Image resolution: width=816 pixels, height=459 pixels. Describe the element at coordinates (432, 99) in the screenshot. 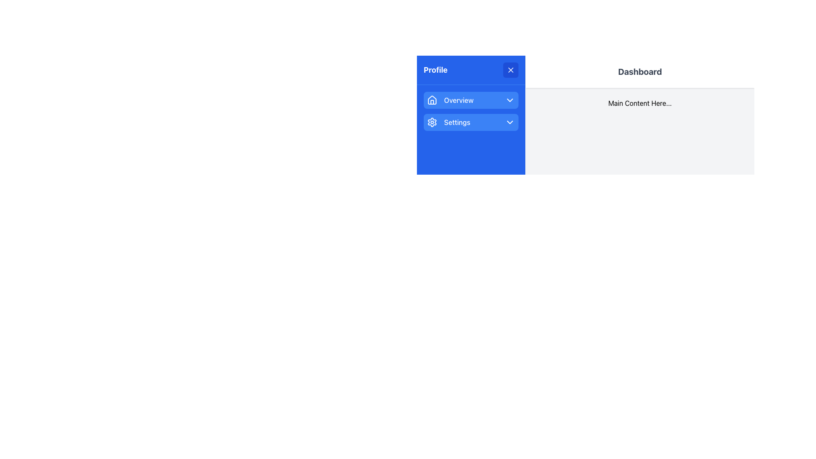

I see `the 'Overview' button associated with the house icon, which is a white outline inside a blue rectangular button, positioned at the leftmost side of the button group` at that location.